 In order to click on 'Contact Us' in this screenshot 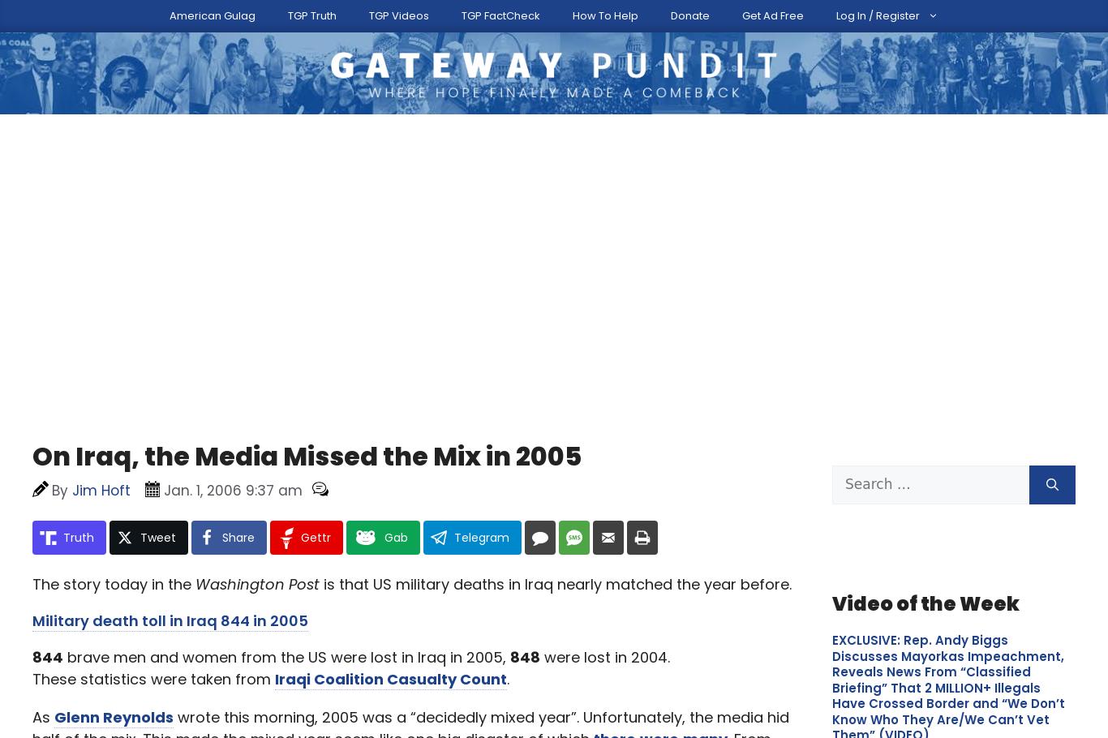, I will do `click(556, 11)`.